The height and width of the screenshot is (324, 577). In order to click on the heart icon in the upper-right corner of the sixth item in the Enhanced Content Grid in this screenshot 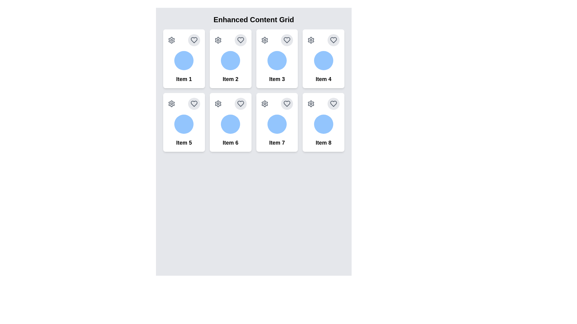, I will do `click(240, 103)`.